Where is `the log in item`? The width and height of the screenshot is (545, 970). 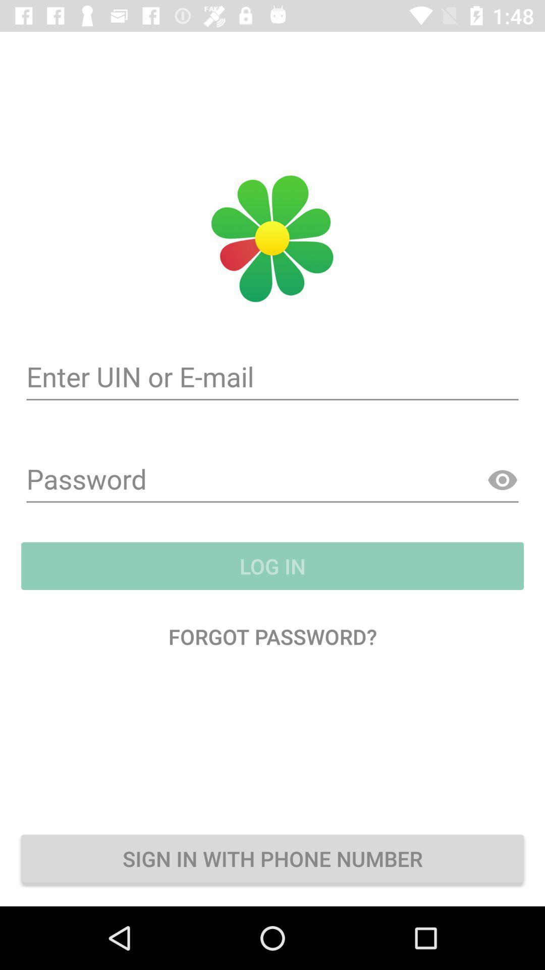
the log in item is located at coordinates (272, 566).